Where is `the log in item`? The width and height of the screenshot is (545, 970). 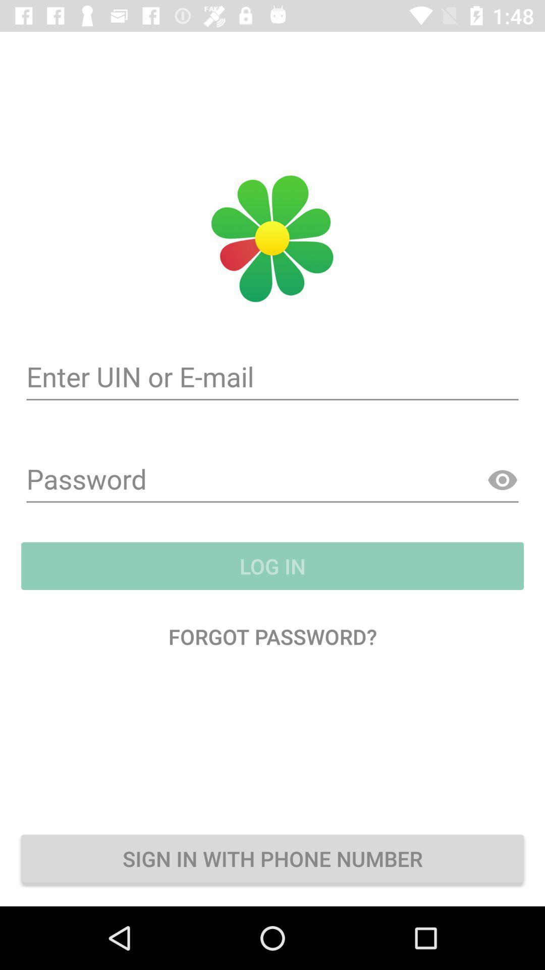
the log in item is located at coordinates (272, 566).